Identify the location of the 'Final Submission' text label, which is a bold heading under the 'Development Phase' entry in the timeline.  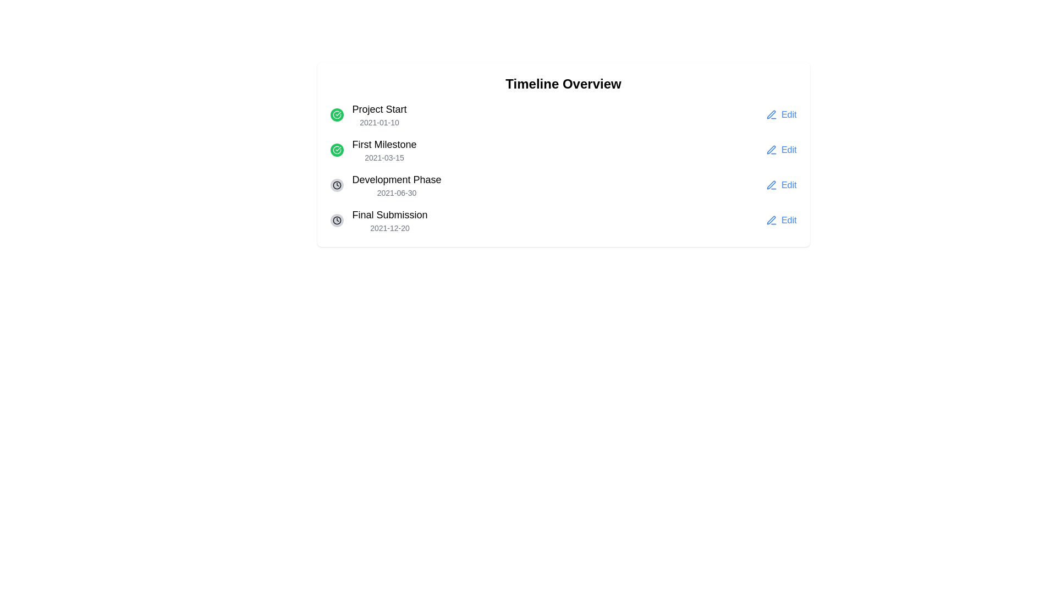
(390, 215).